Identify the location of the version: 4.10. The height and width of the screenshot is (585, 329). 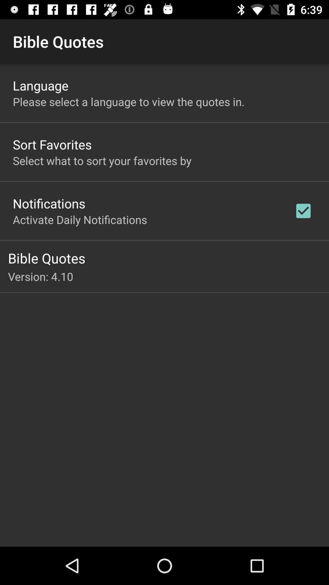
(168, 276).